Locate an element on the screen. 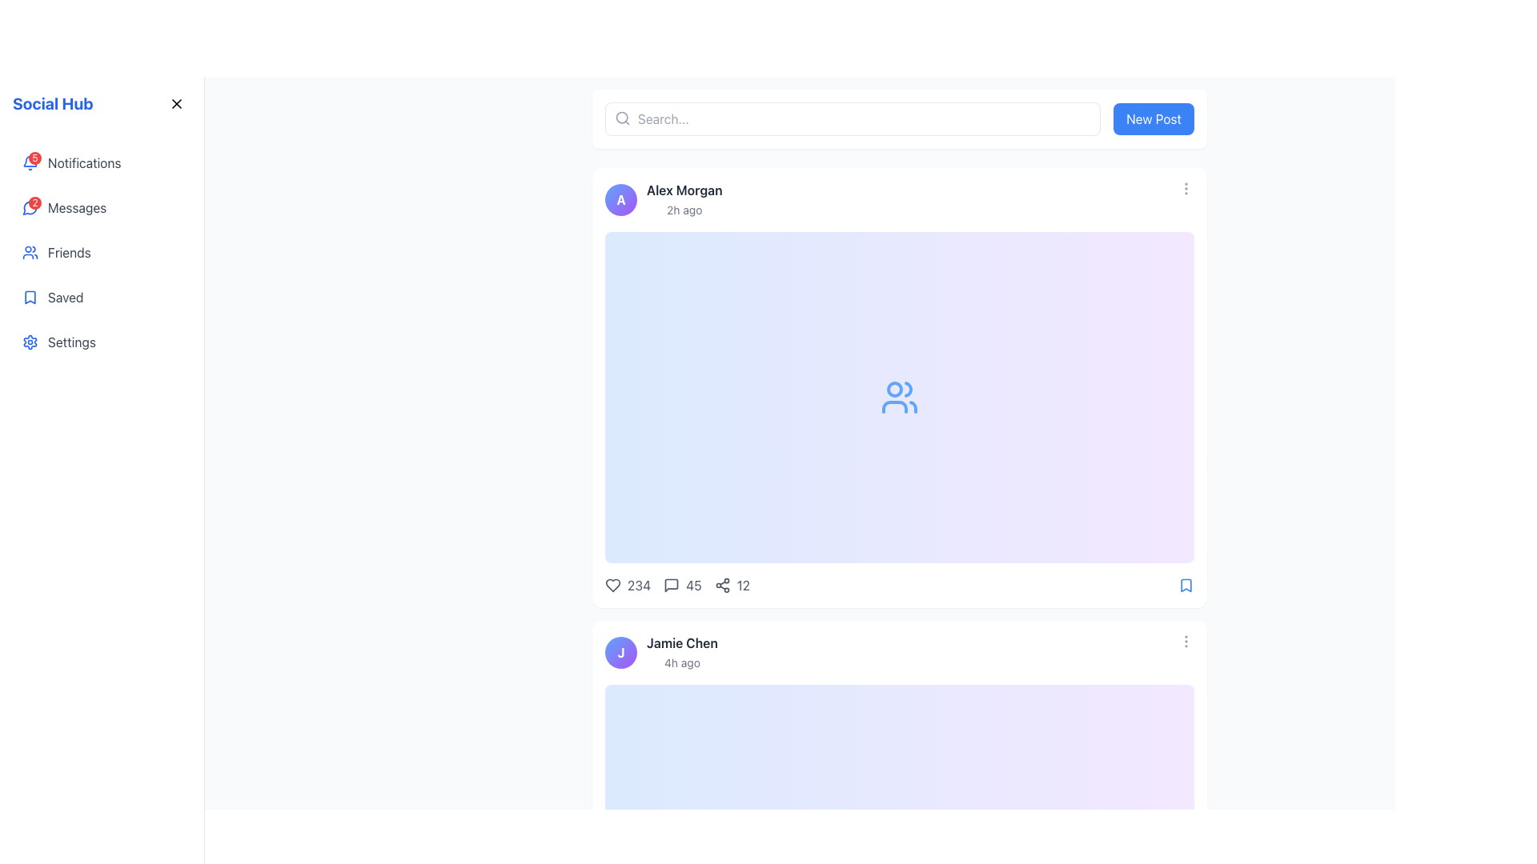  the comments icon located below the large post in the feed, which is the first item in a cluster containing 45 and positioned to the left of the number 45 is located at coordinates (672, 586).